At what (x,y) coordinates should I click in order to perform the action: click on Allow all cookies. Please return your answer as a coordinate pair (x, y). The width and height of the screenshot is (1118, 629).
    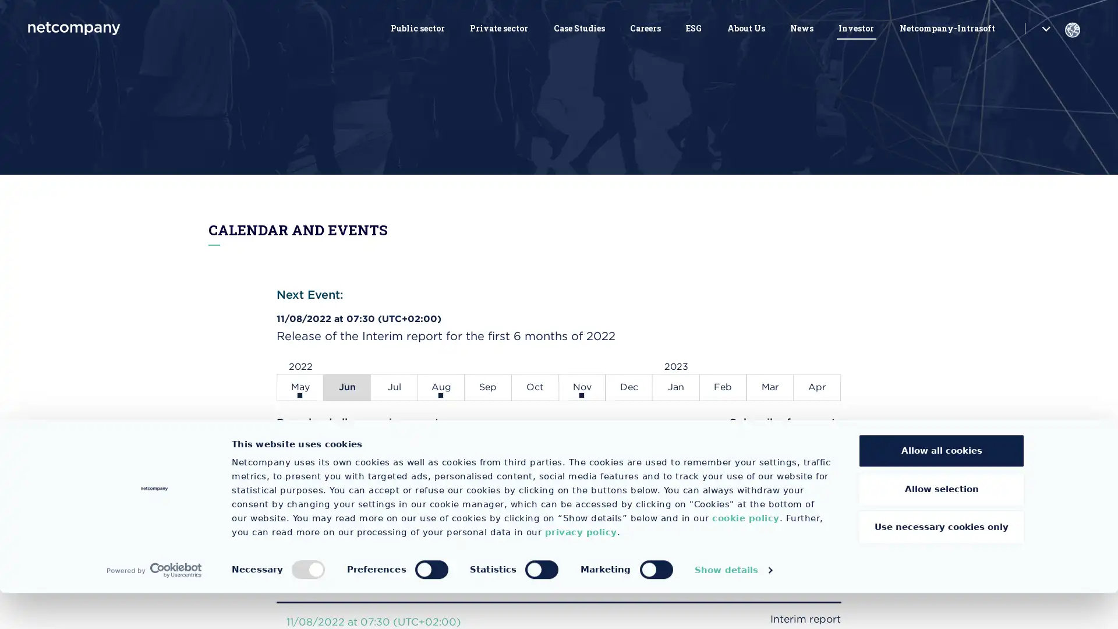
    Looking at the image, I should click on (942, 487).